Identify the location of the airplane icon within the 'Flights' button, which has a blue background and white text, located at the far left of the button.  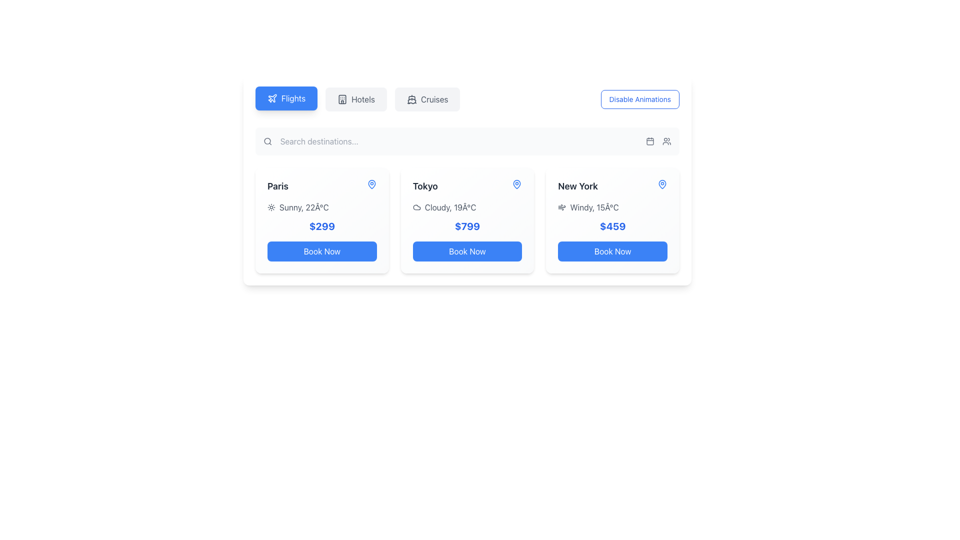
(272, 98).